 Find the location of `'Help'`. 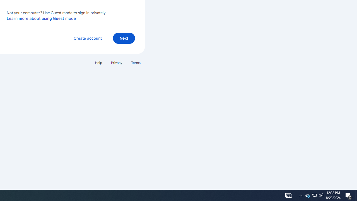

'Help' is located at coordinates (98, 63).